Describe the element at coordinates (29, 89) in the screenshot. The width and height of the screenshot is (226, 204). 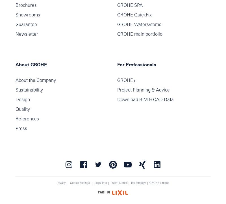
I see `'Sustainability'` at that location.